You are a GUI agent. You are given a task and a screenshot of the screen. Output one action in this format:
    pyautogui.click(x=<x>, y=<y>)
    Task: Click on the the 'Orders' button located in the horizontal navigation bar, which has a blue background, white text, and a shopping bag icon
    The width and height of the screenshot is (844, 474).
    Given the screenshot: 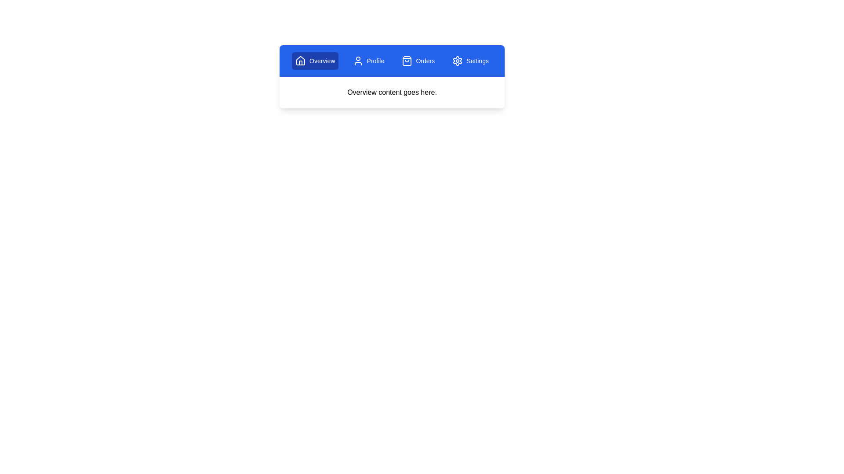 What is the action you would take?
    pyautogui.click(x=418, y=60)
    